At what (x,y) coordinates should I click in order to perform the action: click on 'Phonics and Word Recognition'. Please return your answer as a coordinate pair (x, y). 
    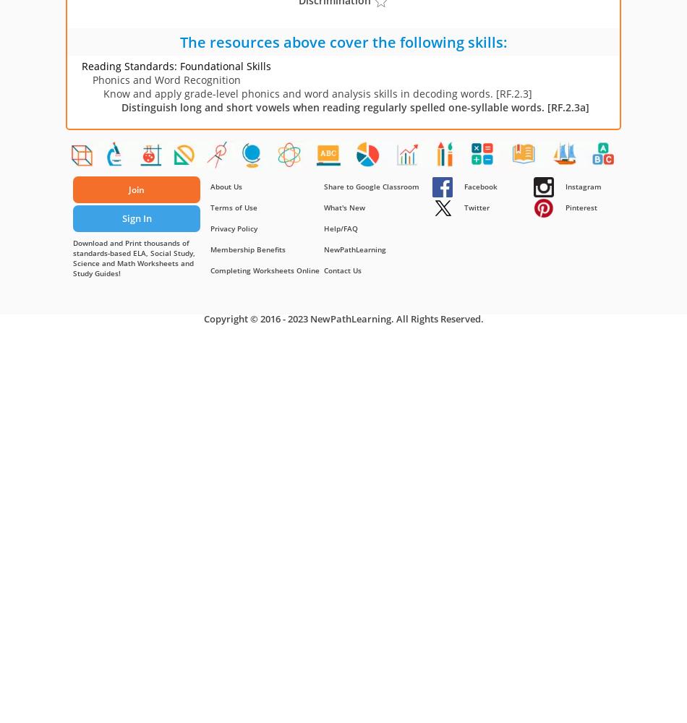
    Looking at the image, I should click on (166, 79).